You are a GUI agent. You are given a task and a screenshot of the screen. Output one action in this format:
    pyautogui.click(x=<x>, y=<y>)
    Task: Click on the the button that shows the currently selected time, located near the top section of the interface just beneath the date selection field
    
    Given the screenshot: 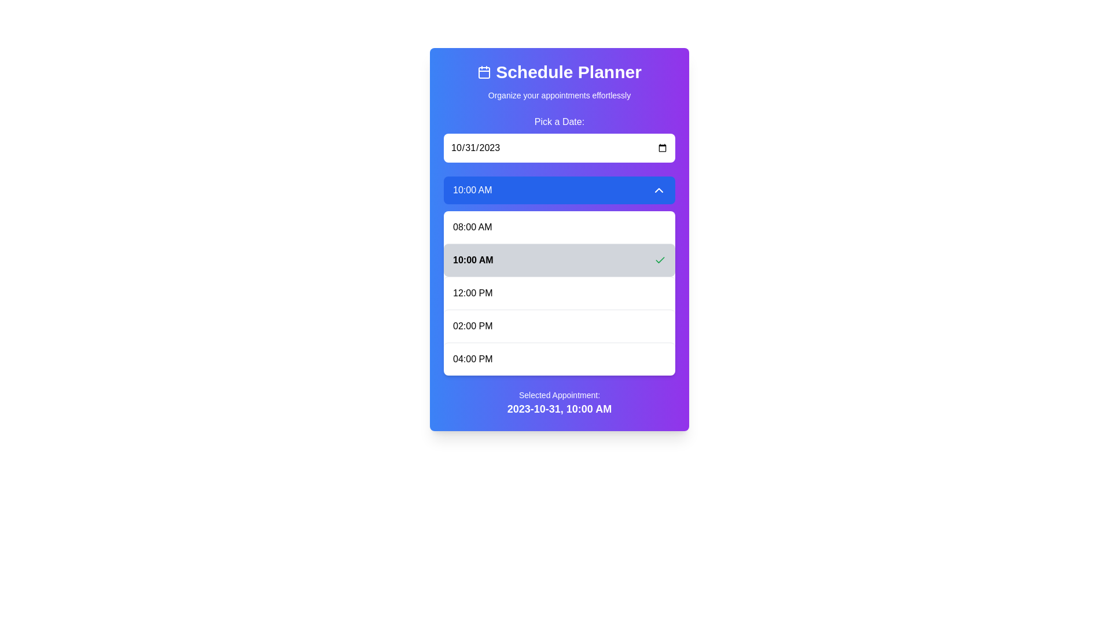 What is the action you would take?
    pyautogui.click(x=559, y=189)
    